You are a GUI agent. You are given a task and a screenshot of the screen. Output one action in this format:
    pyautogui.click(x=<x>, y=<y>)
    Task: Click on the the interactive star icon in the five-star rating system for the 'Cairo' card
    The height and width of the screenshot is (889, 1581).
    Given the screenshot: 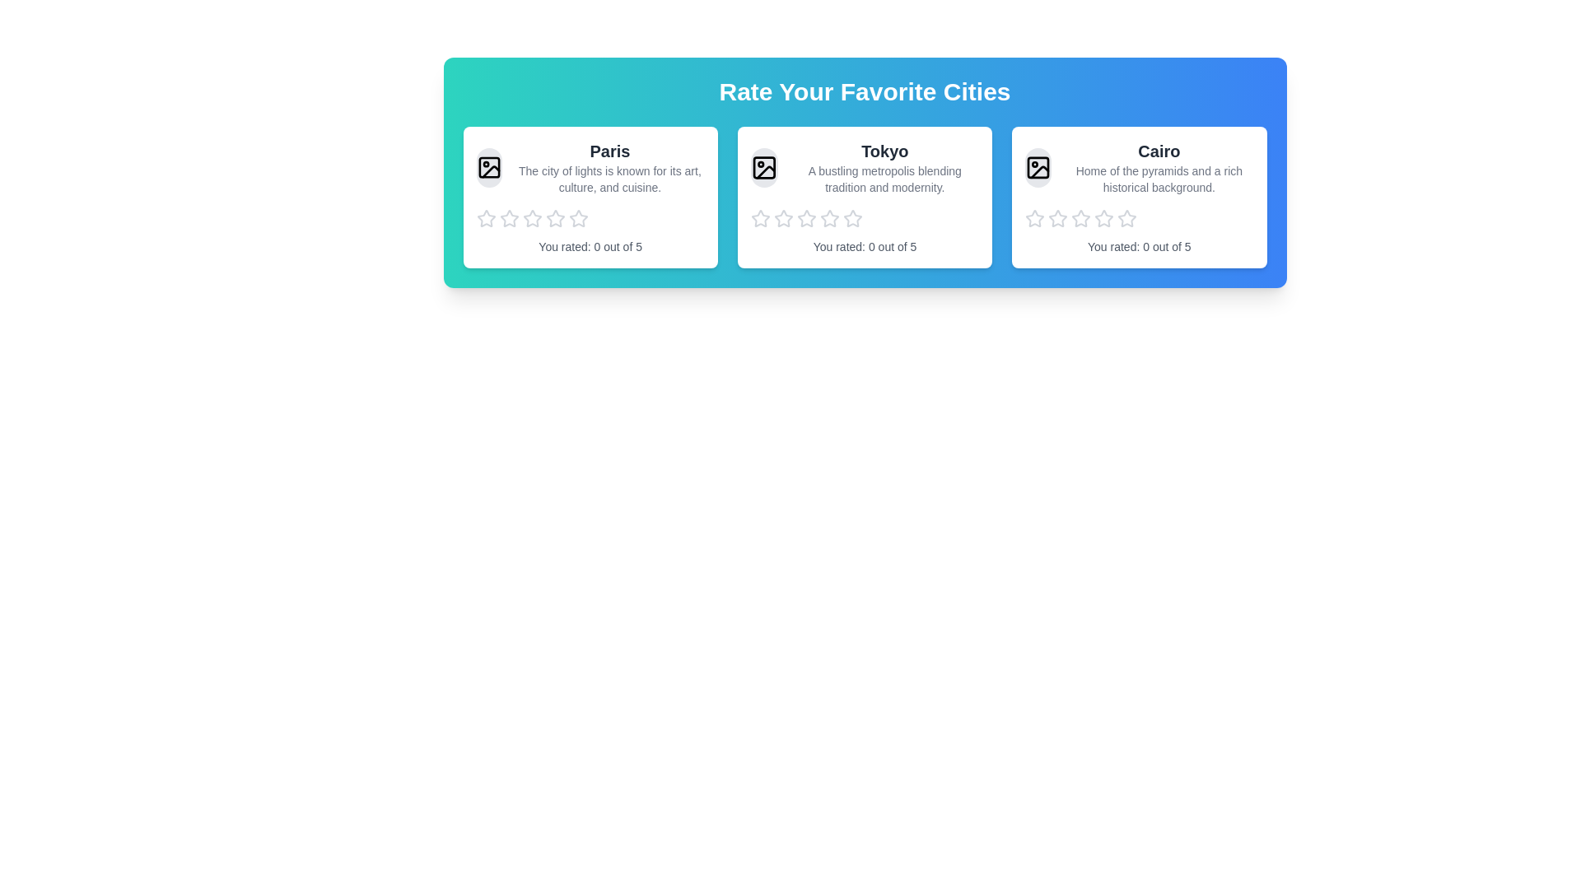 What is the action you would take?
    pyautogui.click(x=1126, y=217)
    